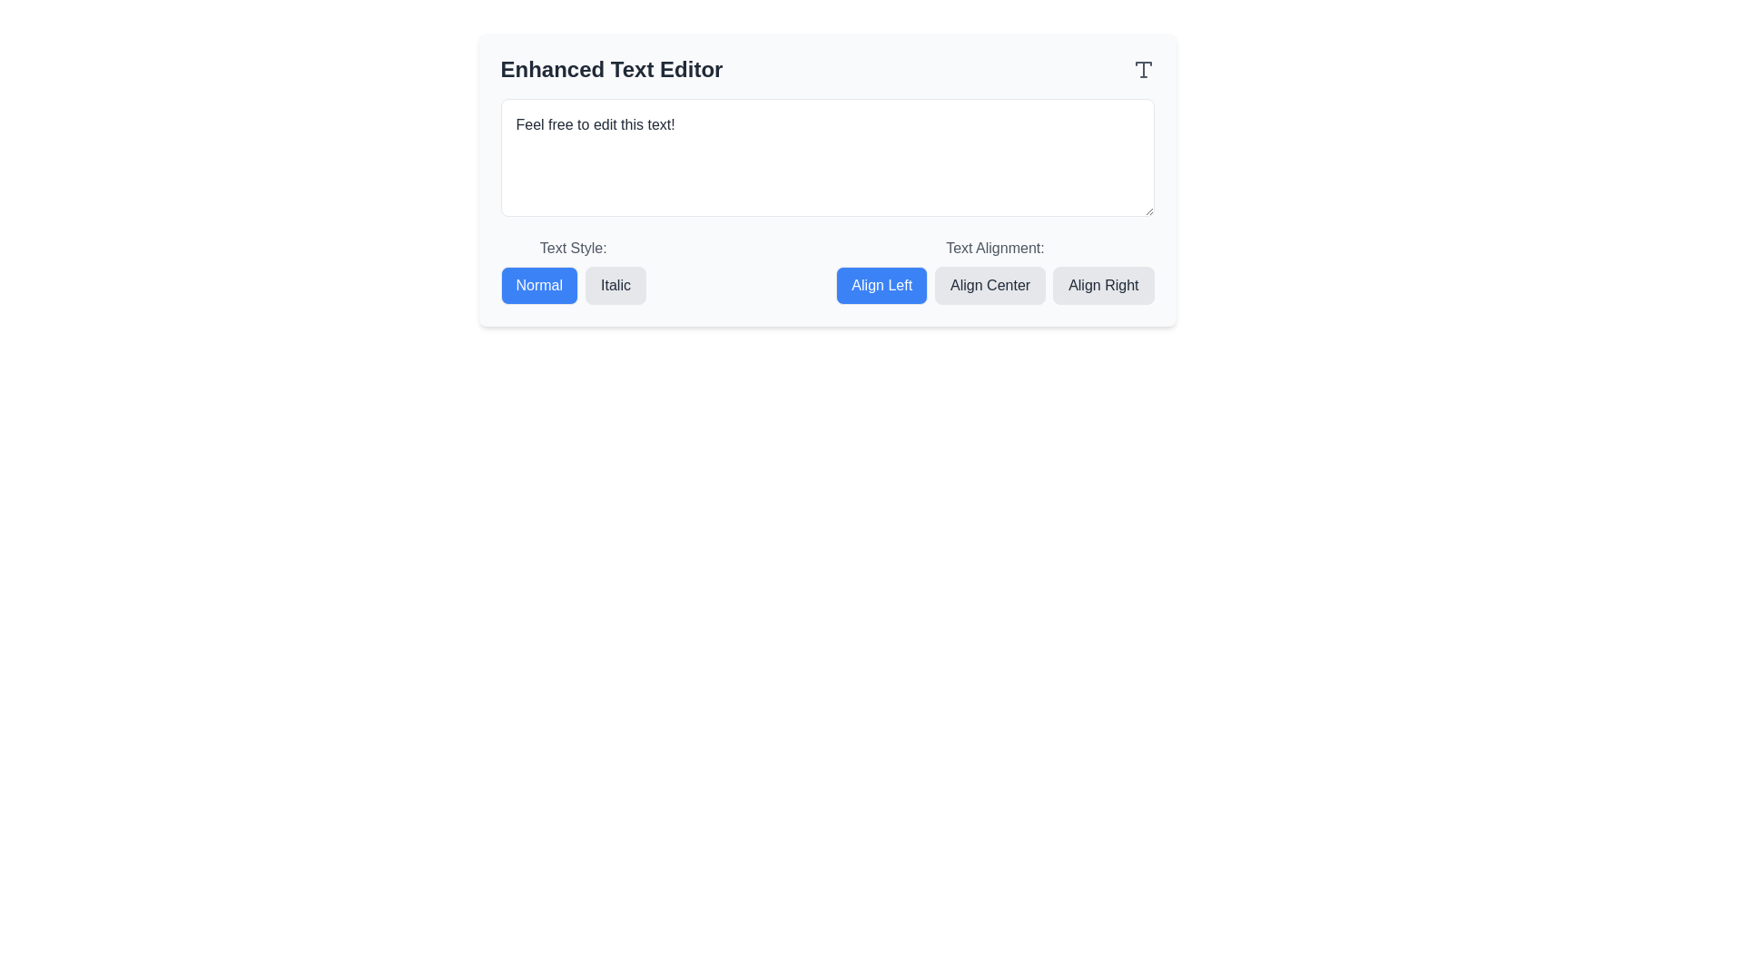  What do you see at coordinates (1142, 63) in the screenshot?
I see `narrow triangular arrow-like SVG icon element located at the top-right corner of the main interface section for design adjustments` at bounding box center [1142, 63].